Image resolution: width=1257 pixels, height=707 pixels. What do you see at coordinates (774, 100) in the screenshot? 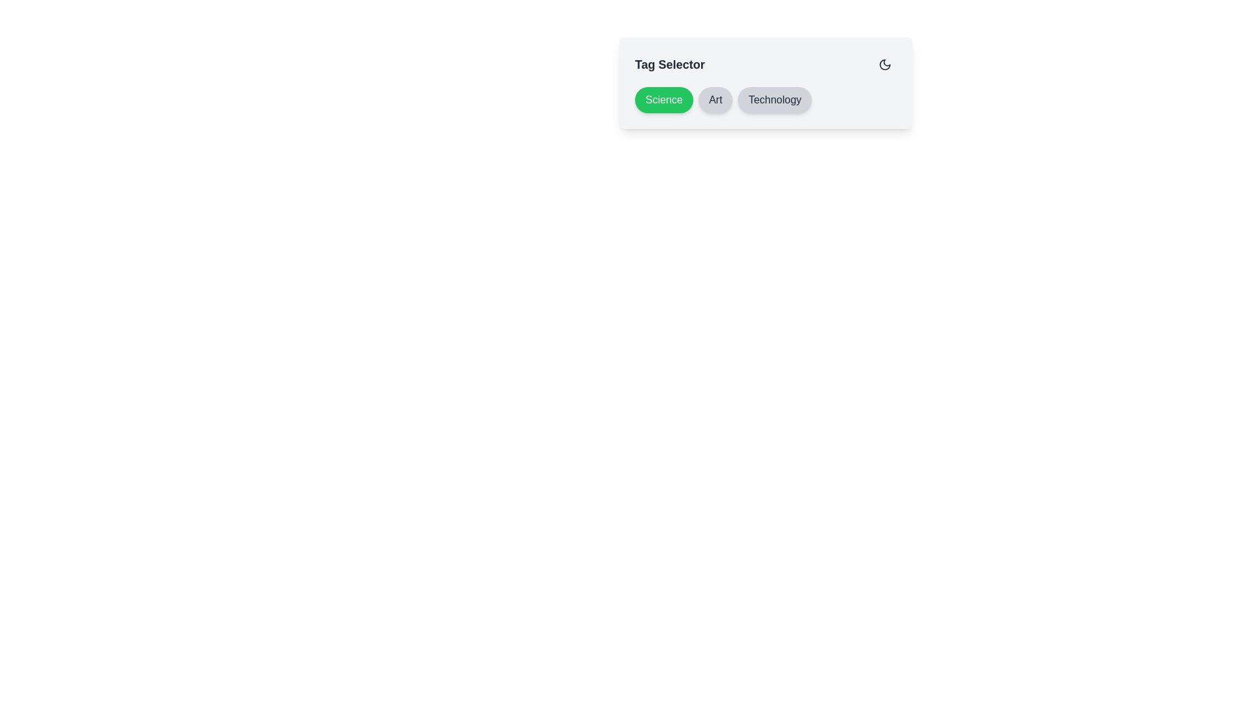
I see `the tag Technology by clicking on it` at bounding box center [774, 100].